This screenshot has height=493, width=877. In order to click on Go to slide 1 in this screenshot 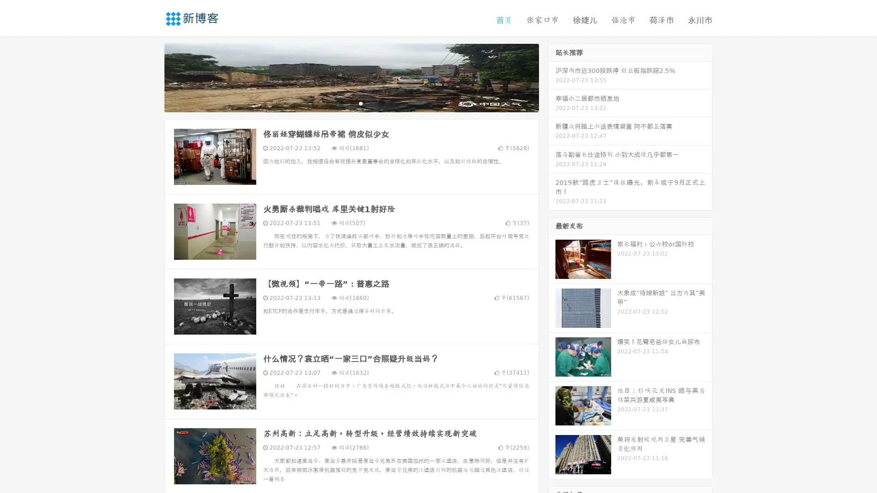, I will do `click(342, 103)`.